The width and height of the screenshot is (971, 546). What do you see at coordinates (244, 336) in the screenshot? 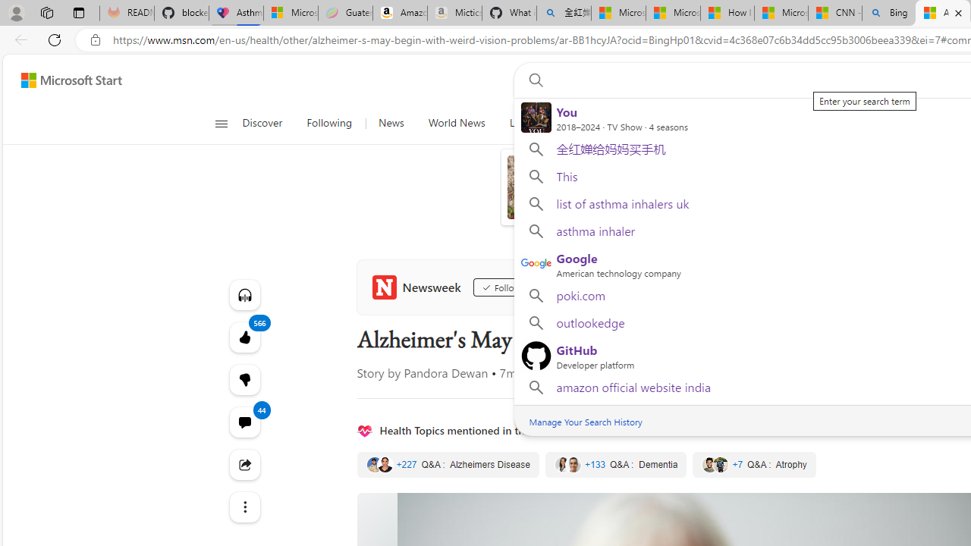
I see `'566 Like'` at bounding box center [244, 336].